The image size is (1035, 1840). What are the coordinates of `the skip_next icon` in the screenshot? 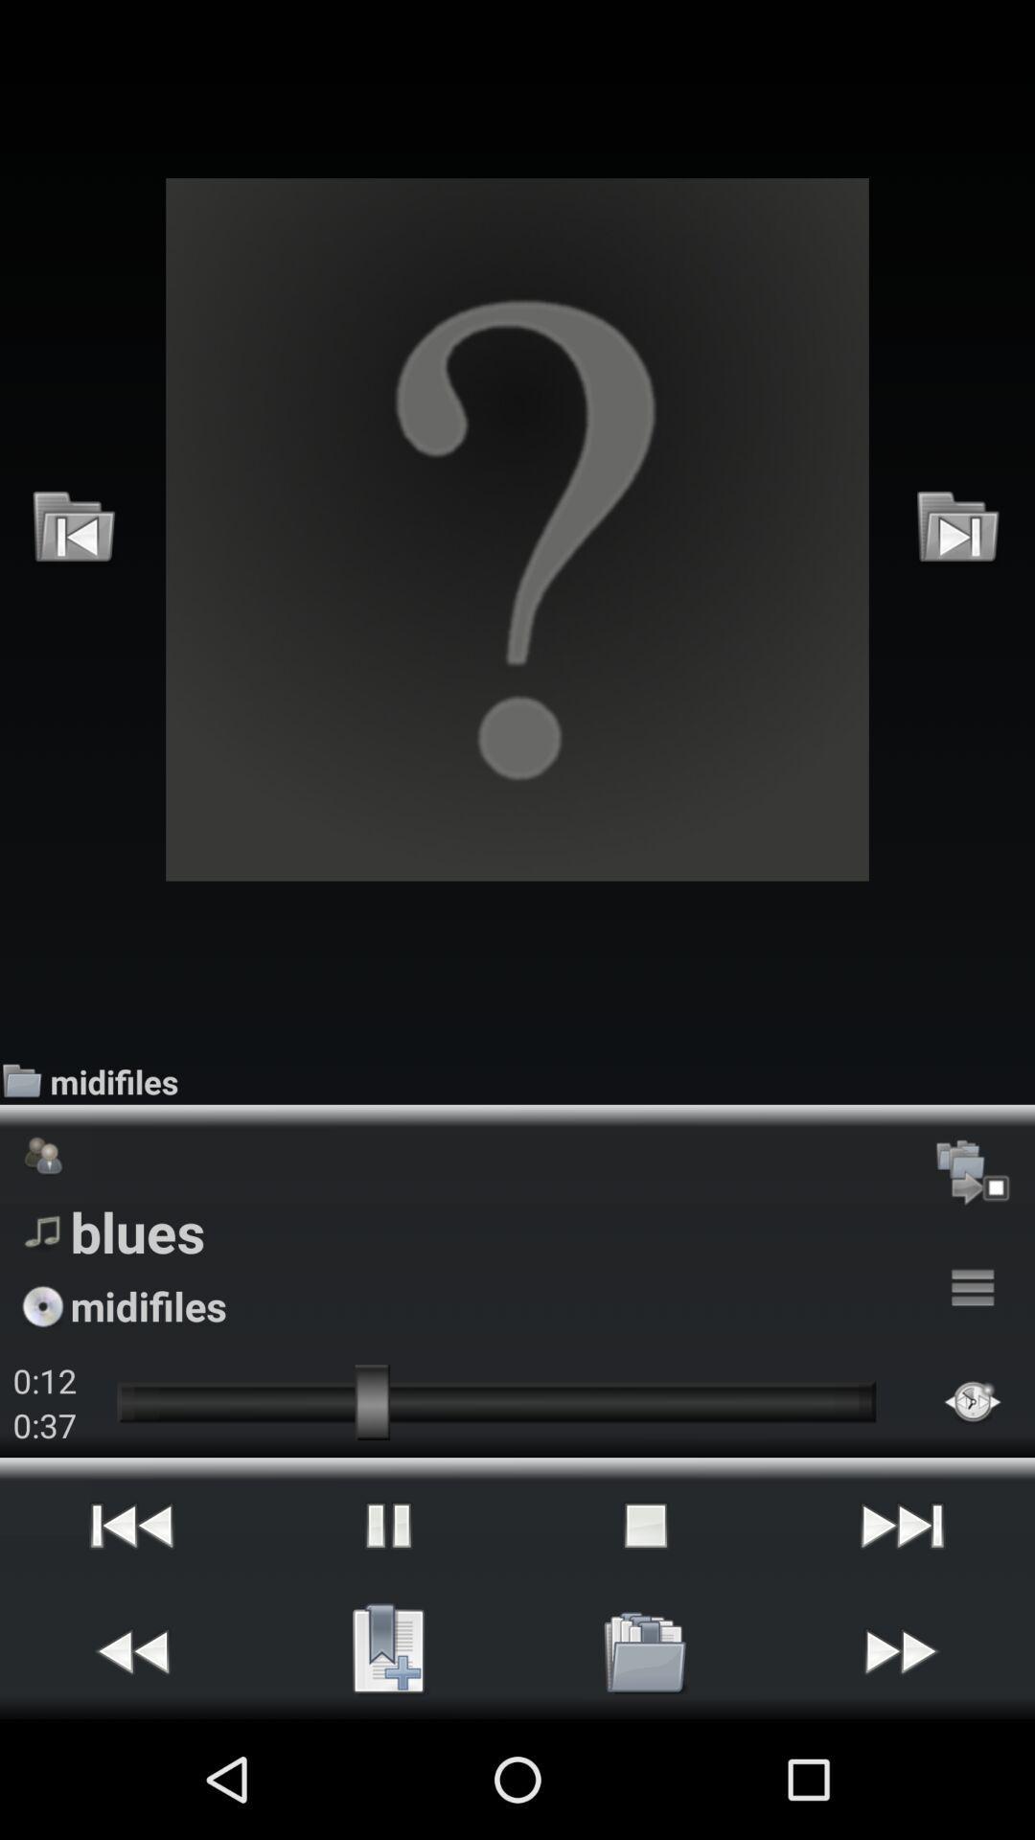 It's located at (958, 565).